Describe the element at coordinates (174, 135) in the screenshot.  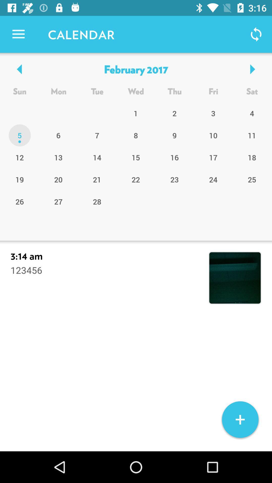
I see `icon below the 1 item` at that location.